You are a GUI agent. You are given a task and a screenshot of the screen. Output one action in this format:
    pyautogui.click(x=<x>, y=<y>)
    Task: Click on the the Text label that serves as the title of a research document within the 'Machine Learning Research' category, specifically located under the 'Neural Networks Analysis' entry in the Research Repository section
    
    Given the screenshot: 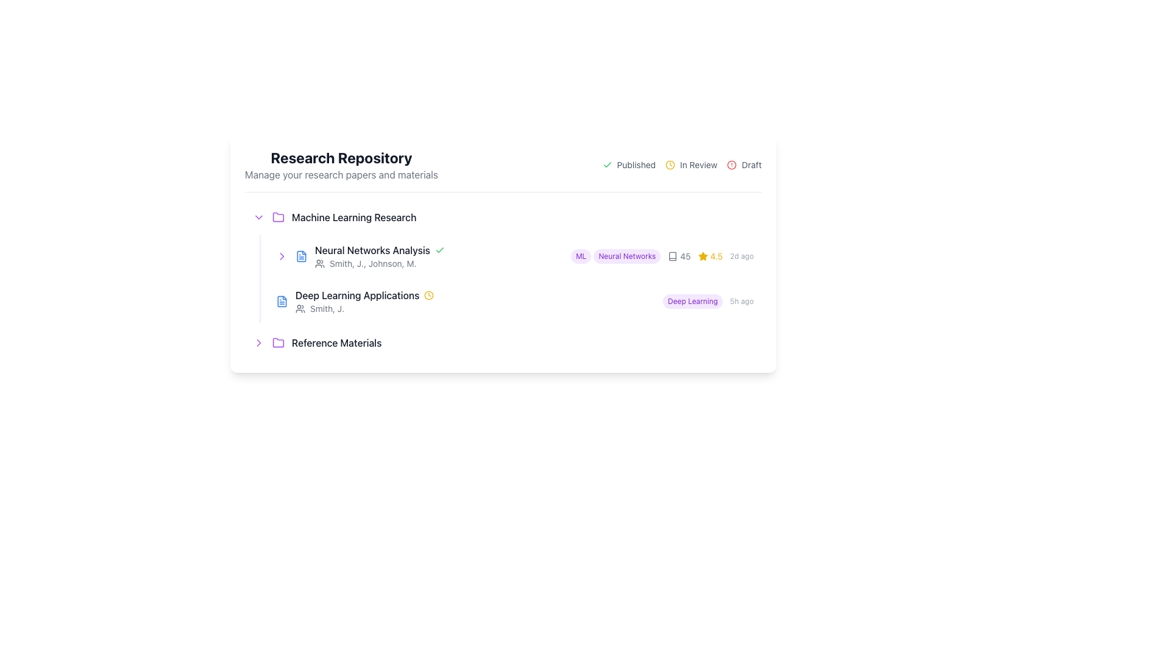 What is the action you would take?
    pyautogui.click(x=356, y=295)
    